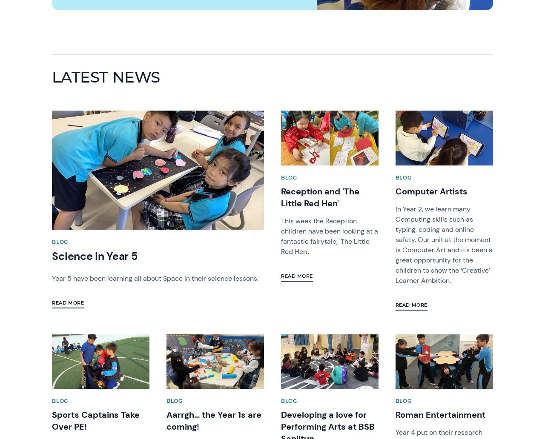 The image size is (545, 439). I want to click on 'Reception and 'The Little Red Hen'', so click(320, 196).